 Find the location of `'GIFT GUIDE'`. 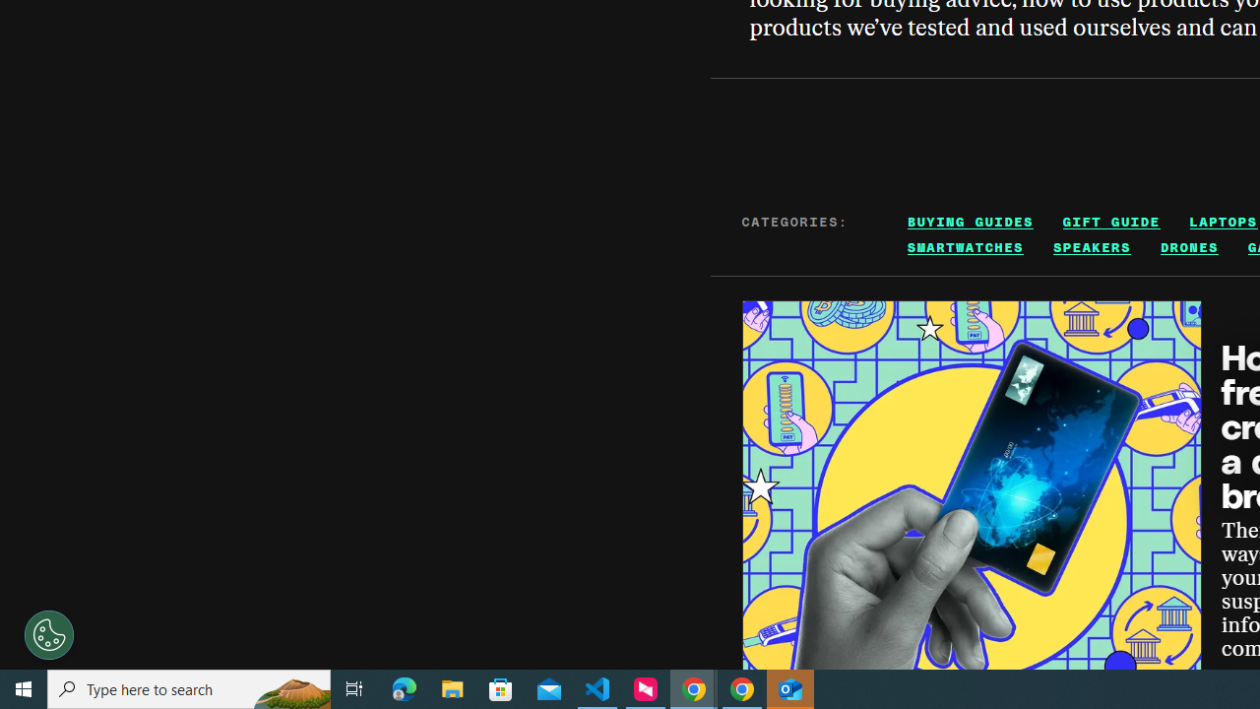

'GIFT GUIDE' is located at coordinates (1111, 222).